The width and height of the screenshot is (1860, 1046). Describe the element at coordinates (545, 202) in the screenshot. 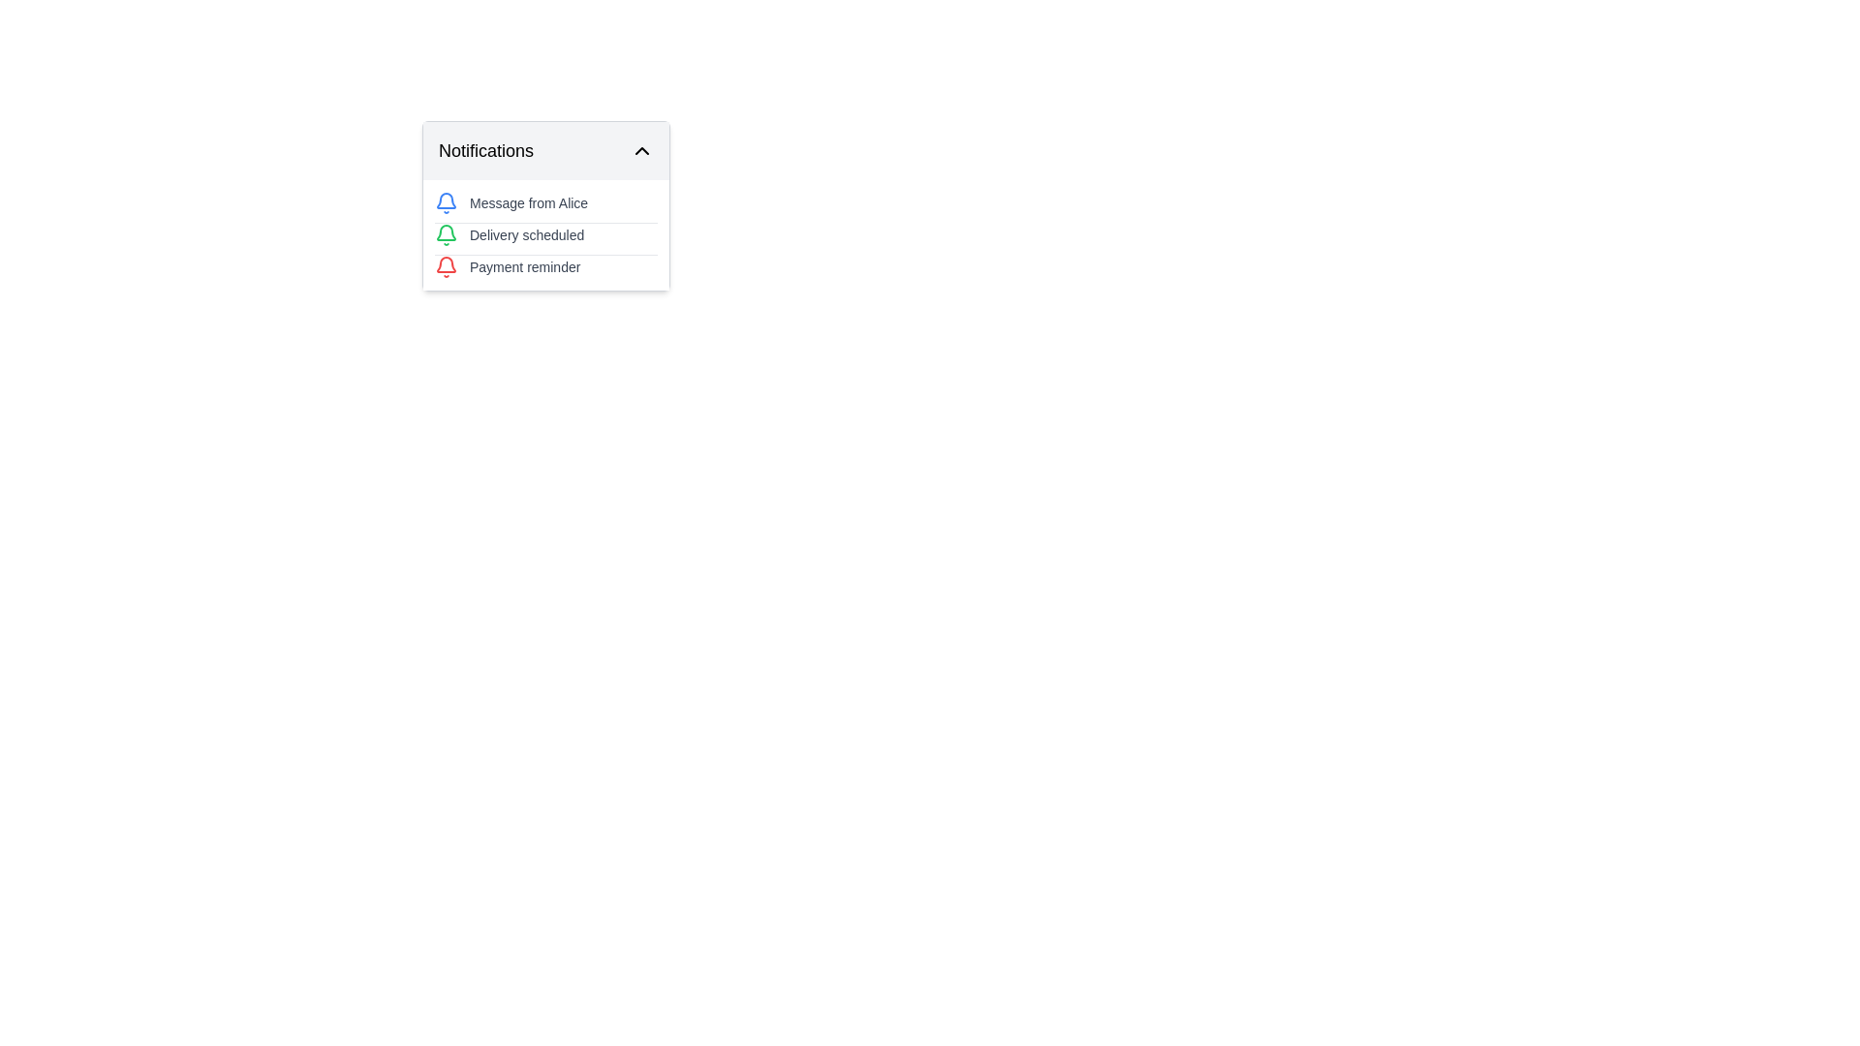

I see `the first notification item in the Notifications section that conveys a message from 'Alice'` at that location.